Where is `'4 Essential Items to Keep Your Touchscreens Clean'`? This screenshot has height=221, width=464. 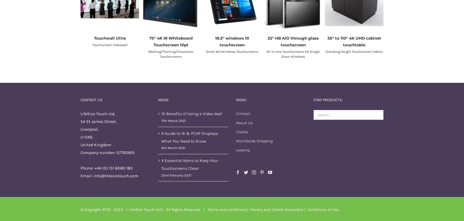
'4 Essential Items to Keep Your Touchscreens Clean' is located at coordinates (190, 164).